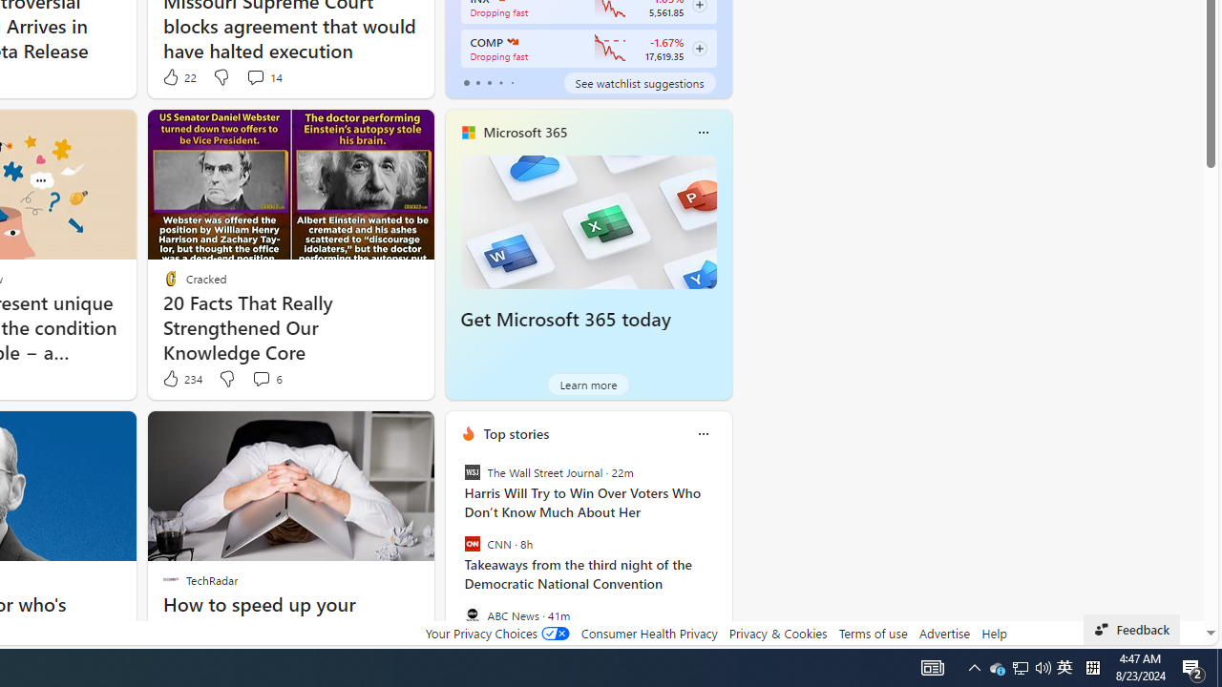 The width and height of the screenshot is (1222, 687). I want to click on 'NASDAQ', so click(512, 41).